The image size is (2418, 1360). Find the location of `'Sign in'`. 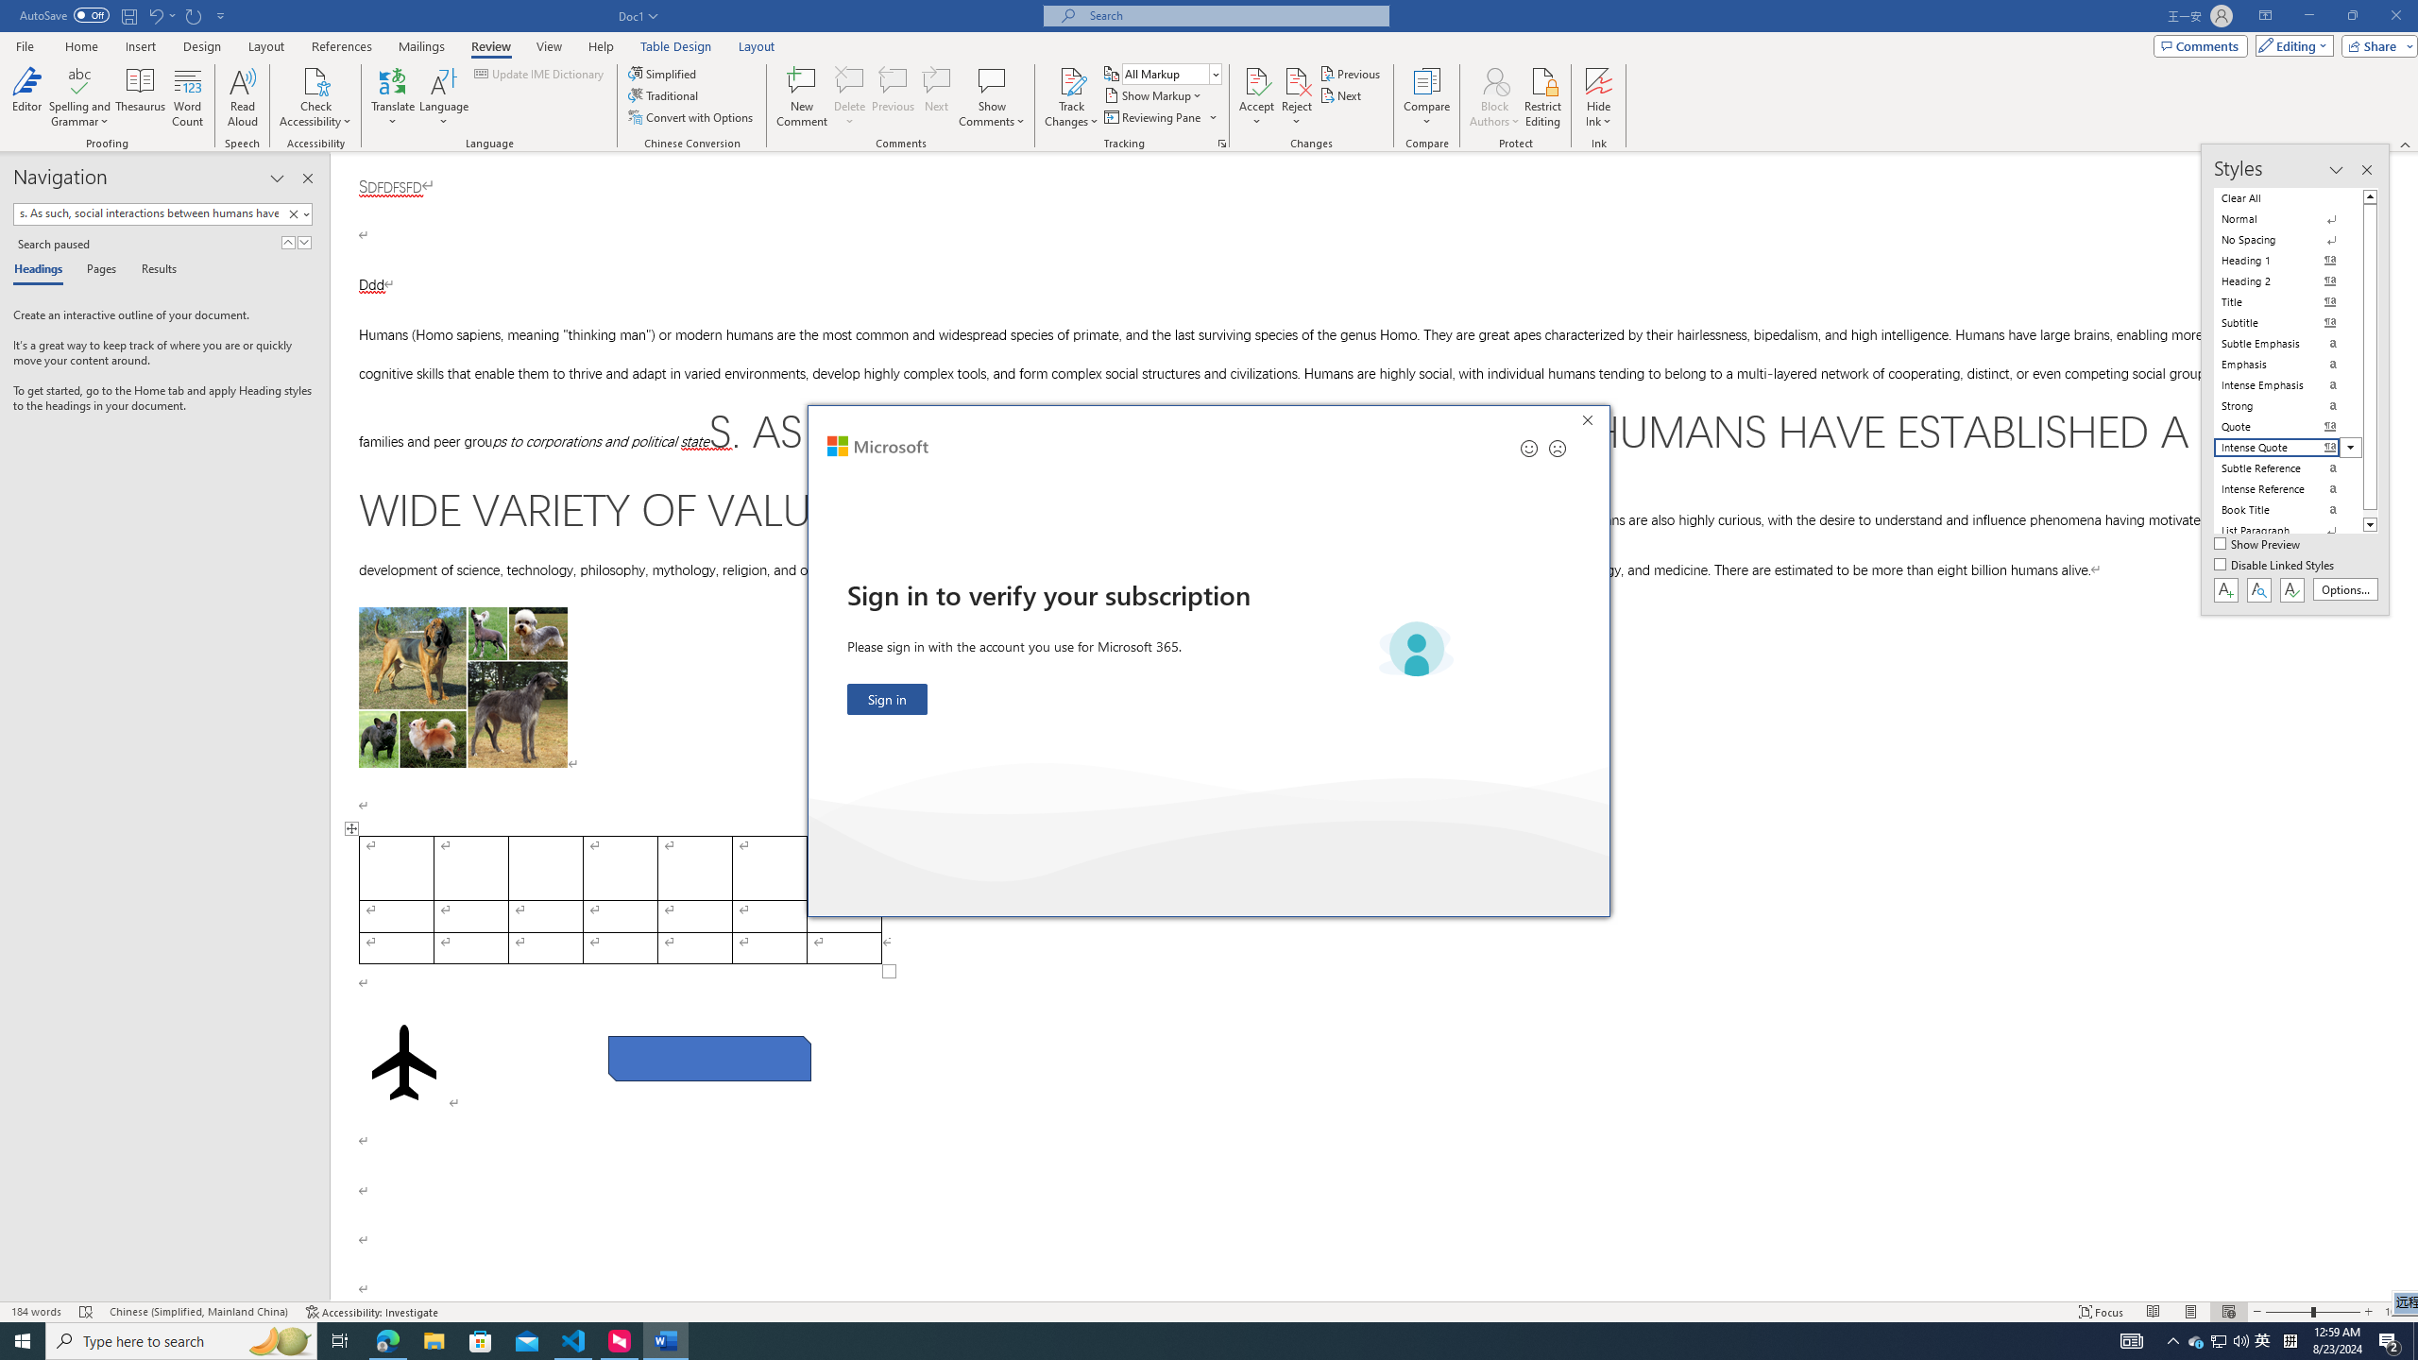

'Sign in' is located at coordinates (886, 698).